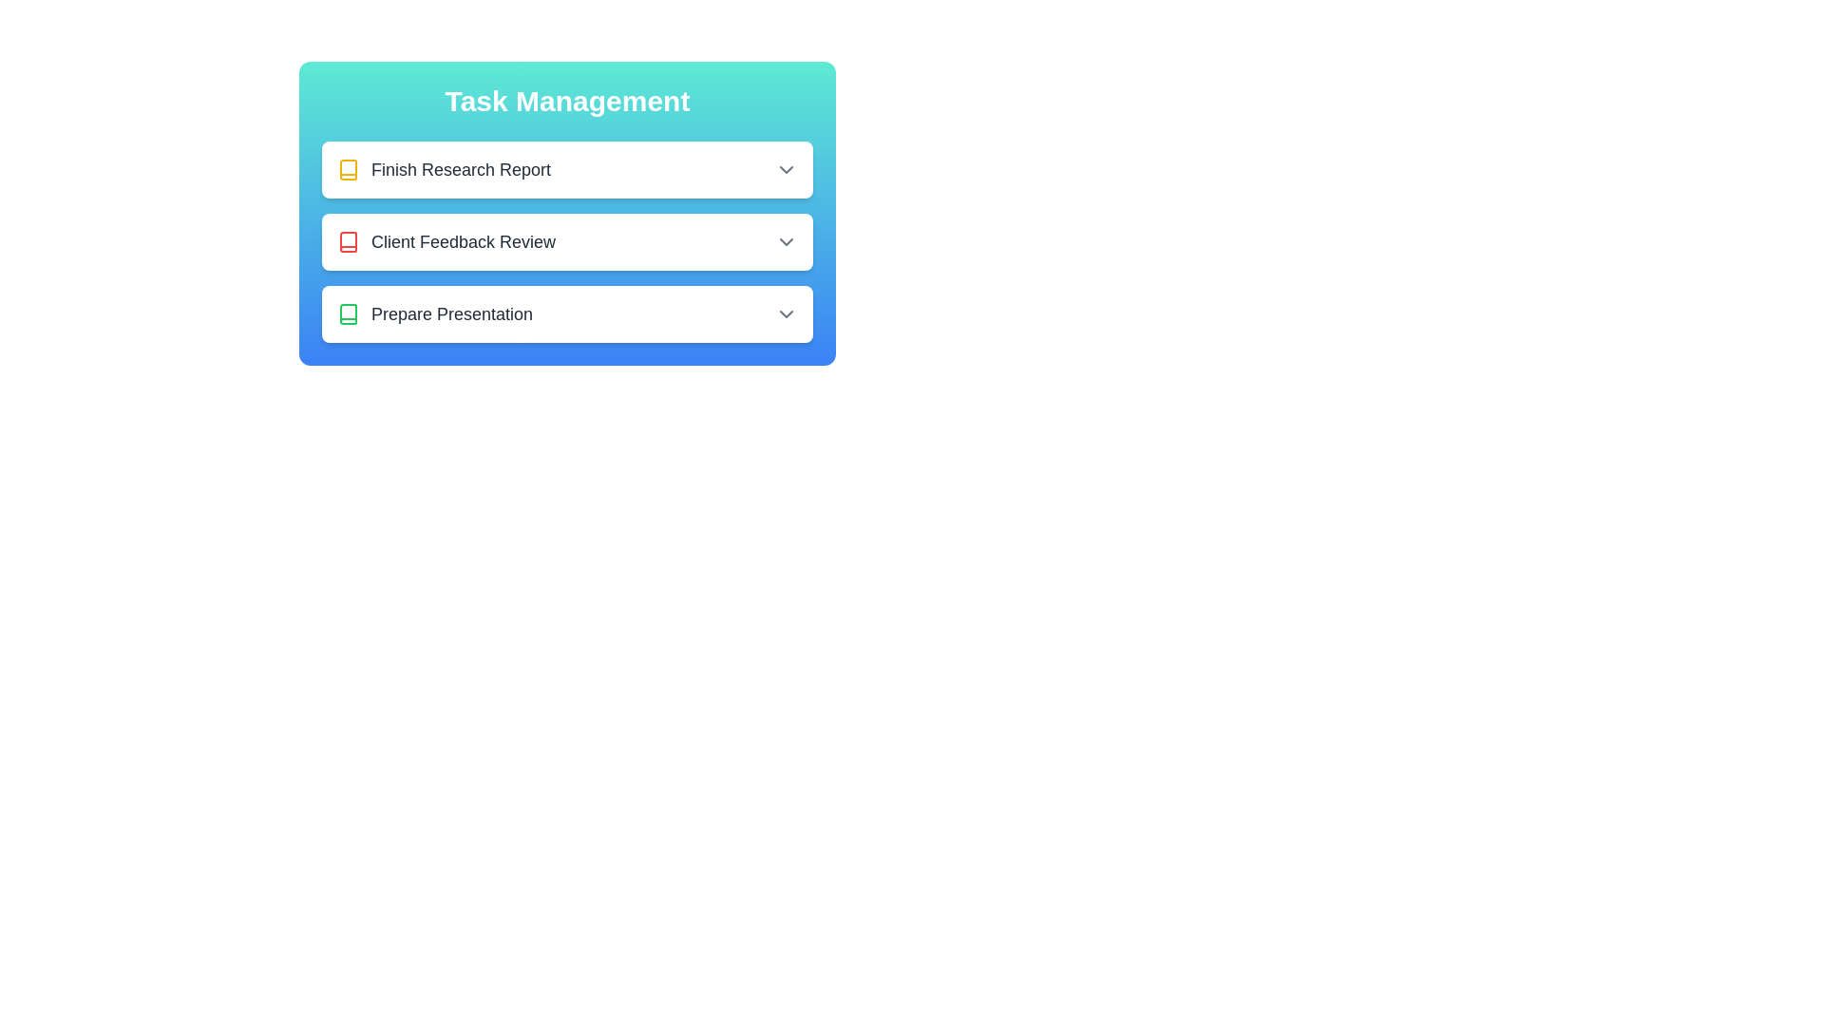  What do you see at coordinates (787, 313) in the screenshot?
I see `the dropdown button for the task titled Prepare Presentation to toggle its details` at bounding box center [787, 313].